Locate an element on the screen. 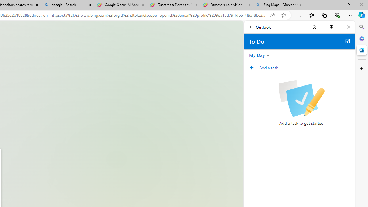 The image size is (368, 207). 'Google Opens AI Academy for Startups - Nearshore Americas' is located at coordinates (120, 5).